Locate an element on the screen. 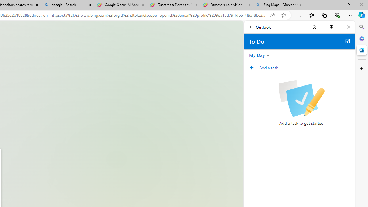 The image size is (368, 207). 'Google Opens AI Academy for Startups - Nearshore Americas' is located at coordinates (120, 5).